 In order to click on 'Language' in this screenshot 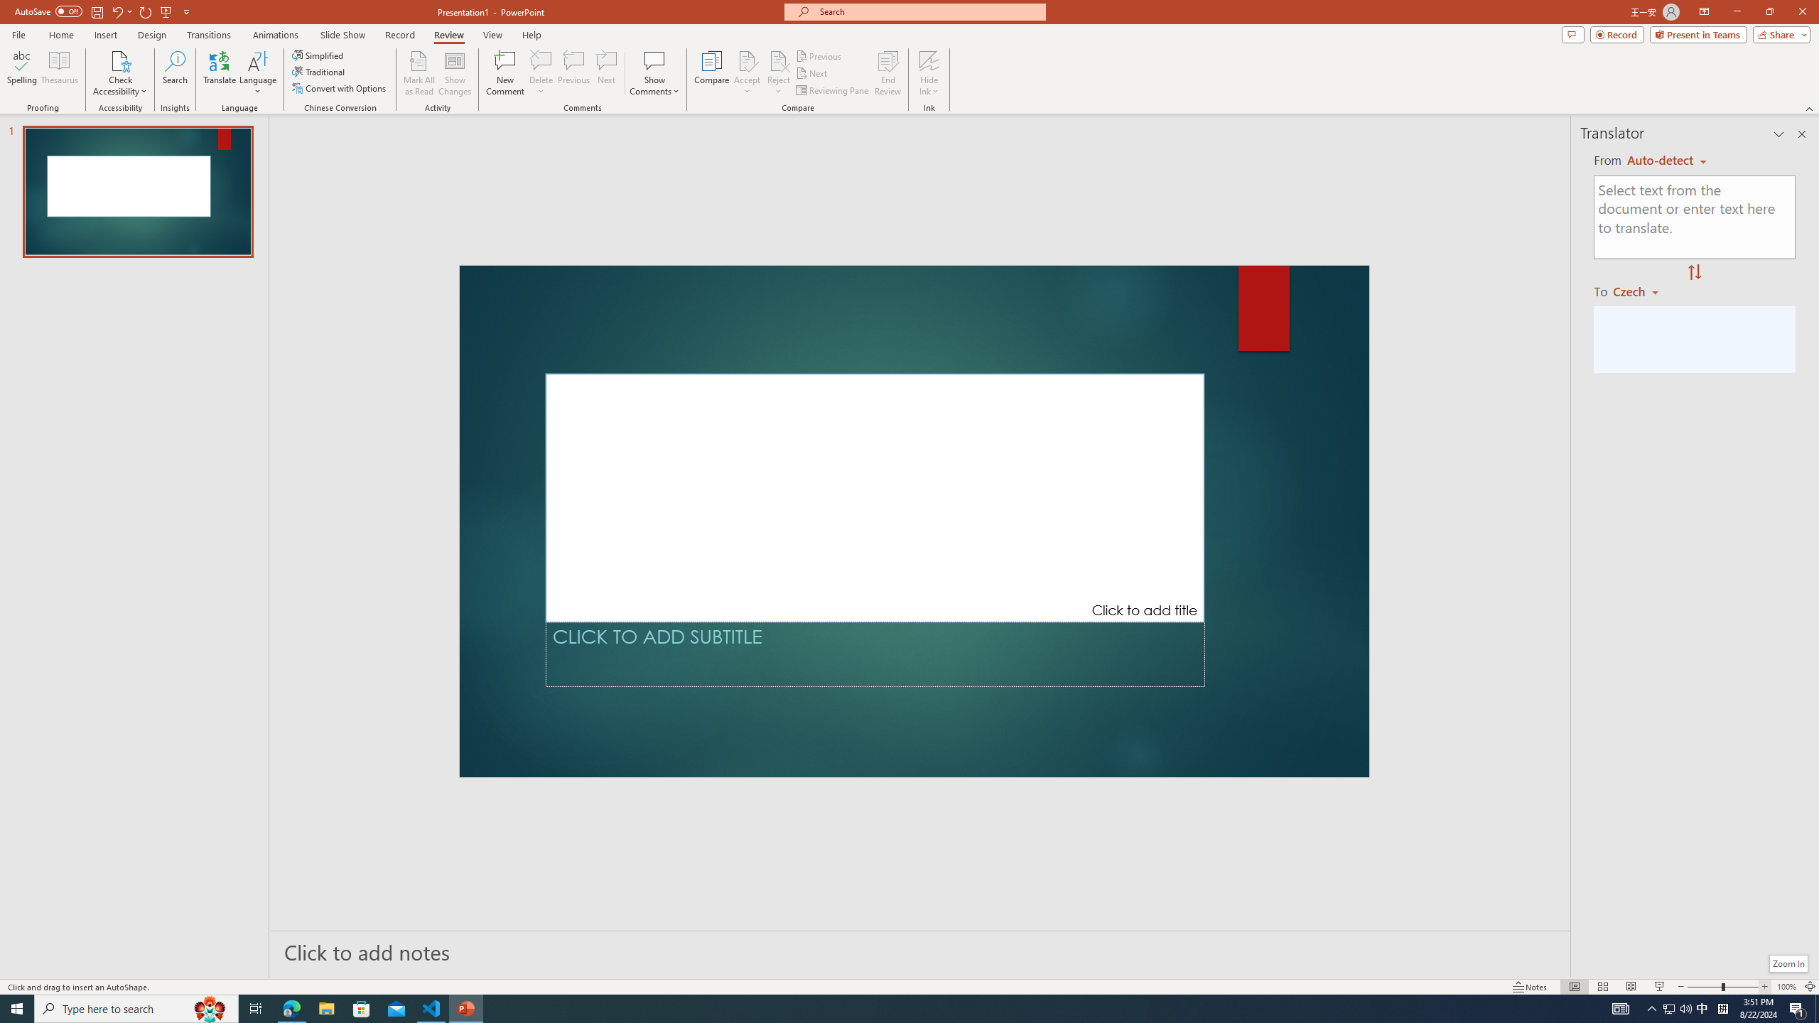, I will do `click(257, 73)`.